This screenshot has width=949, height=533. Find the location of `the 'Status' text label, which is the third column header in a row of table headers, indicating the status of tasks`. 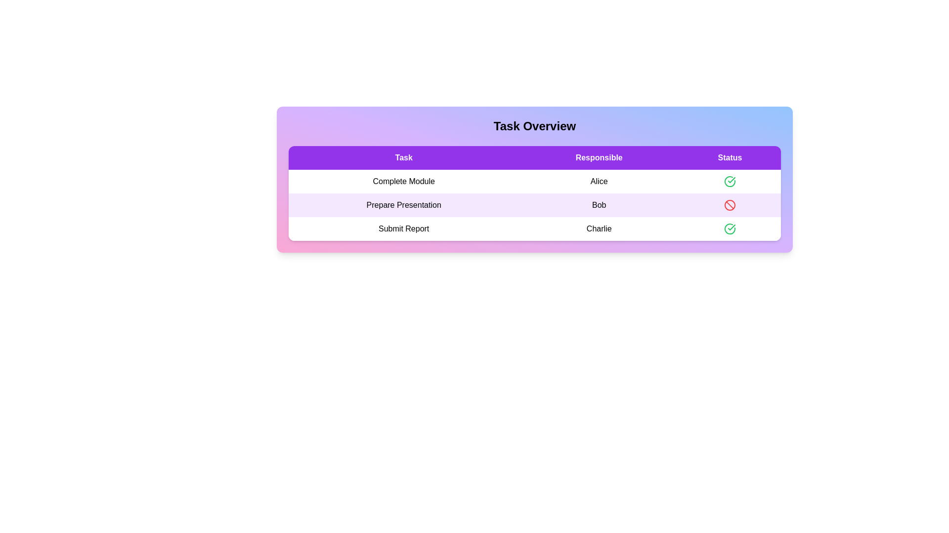

the 'Status' text label, which is the third column header in a row of table headers, indicating the status of tasks is located at coordinates (730, 157).